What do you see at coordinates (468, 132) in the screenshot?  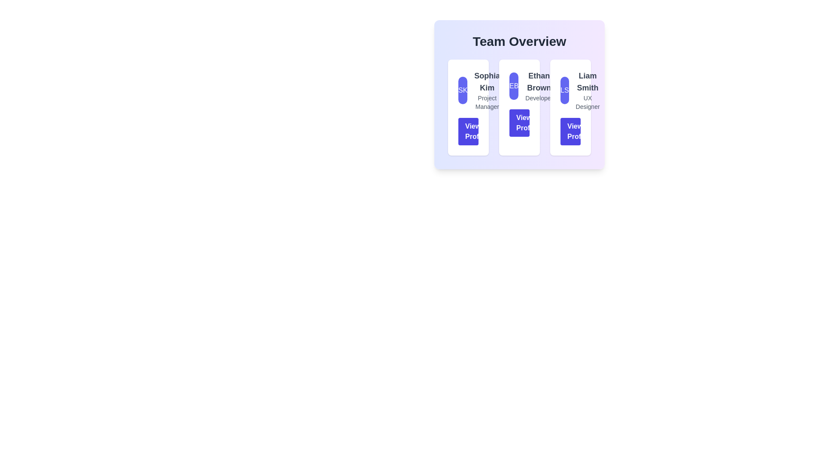 I see `the 'View Profile' button located at the bottom of Sophia Kim's profile card for accessibility purposes` at bounding box center [468, 132].